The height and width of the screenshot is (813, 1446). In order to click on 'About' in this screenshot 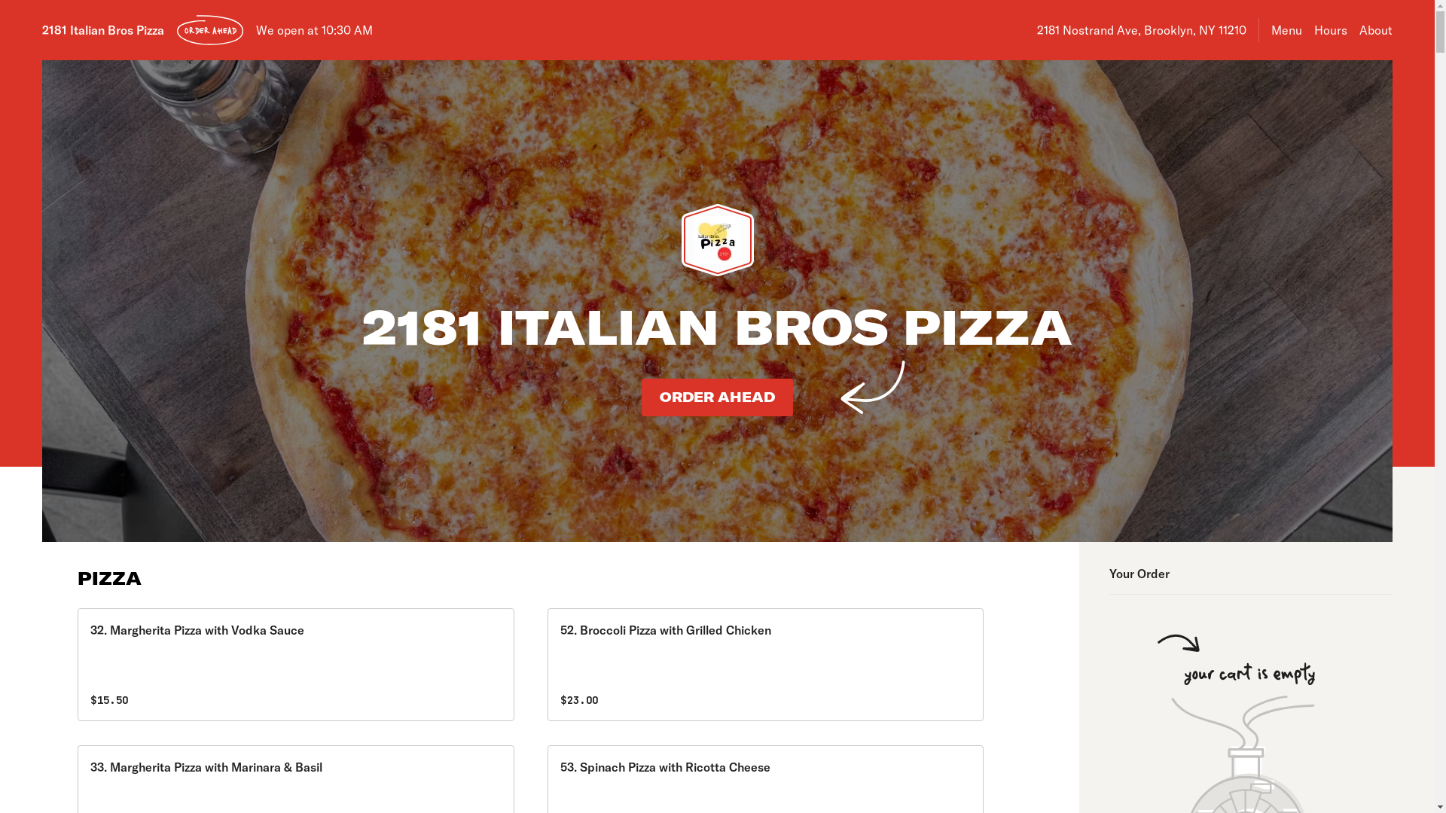, I will do `click(1376, 29)`.